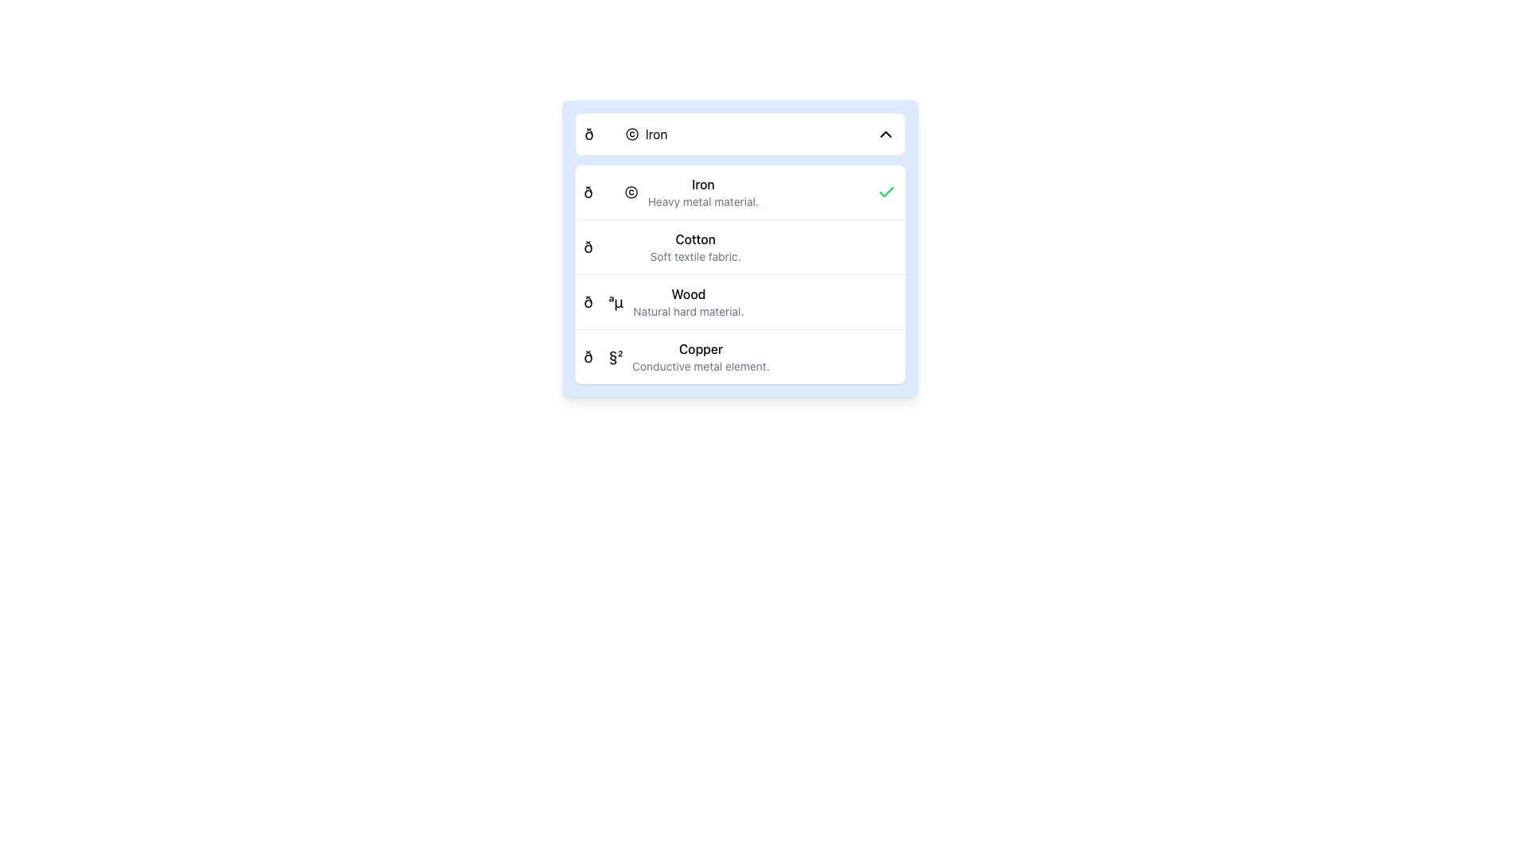  Describe the element at coordinates (700, 348) in the screenshot. I see `the 'Copper' text label located at the bottom-most entry of the dropdown menu` at that location.